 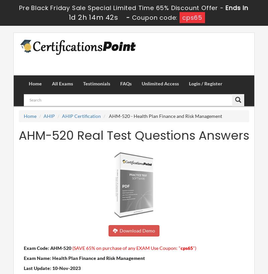 What do you see at coordinates (23, 247) in the screenshot?
I see `'Exam Code: AHM-520'` at bounding box center [23, 247].